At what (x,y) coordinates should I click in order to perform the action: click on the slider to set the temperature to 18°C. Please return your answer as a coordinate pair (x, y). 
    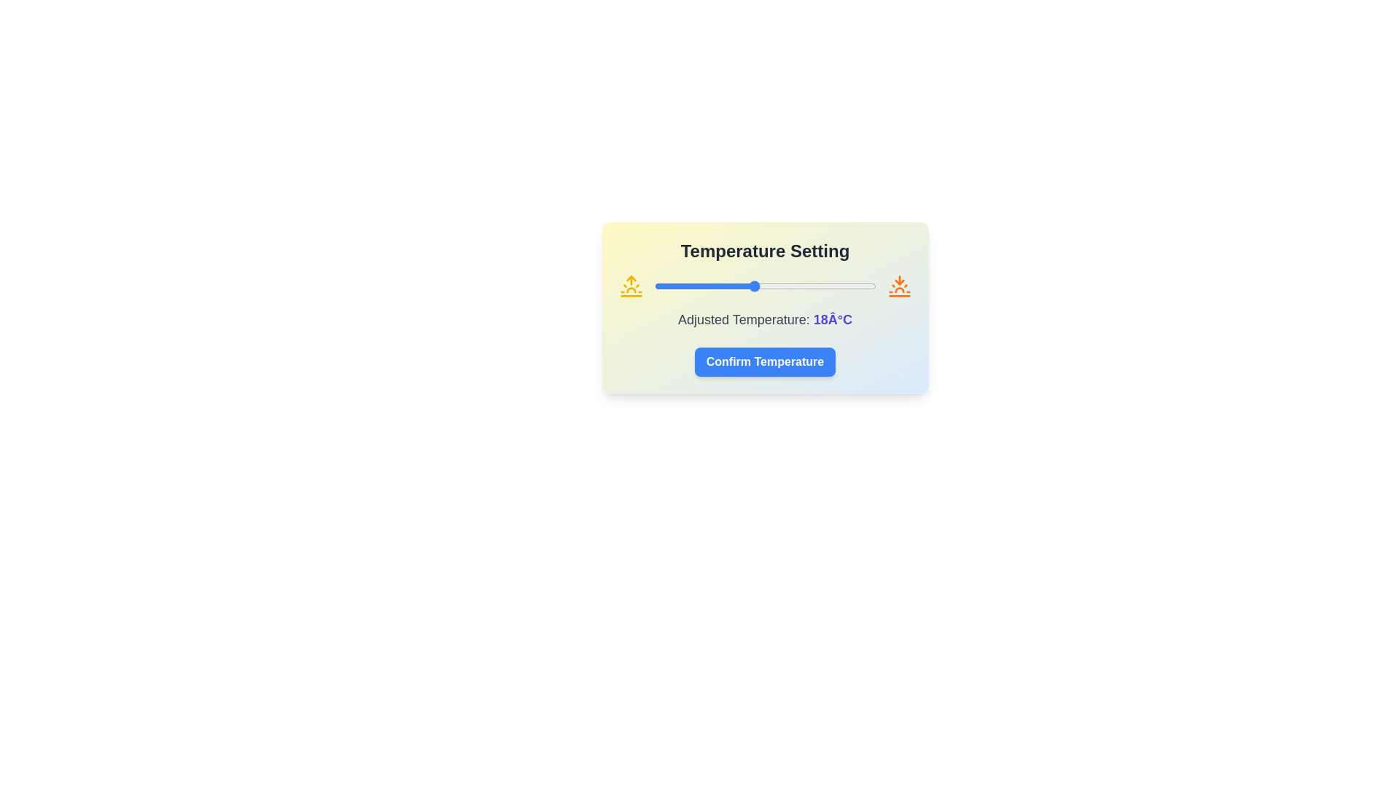
    Looking at the image, I should click on (754, 286).